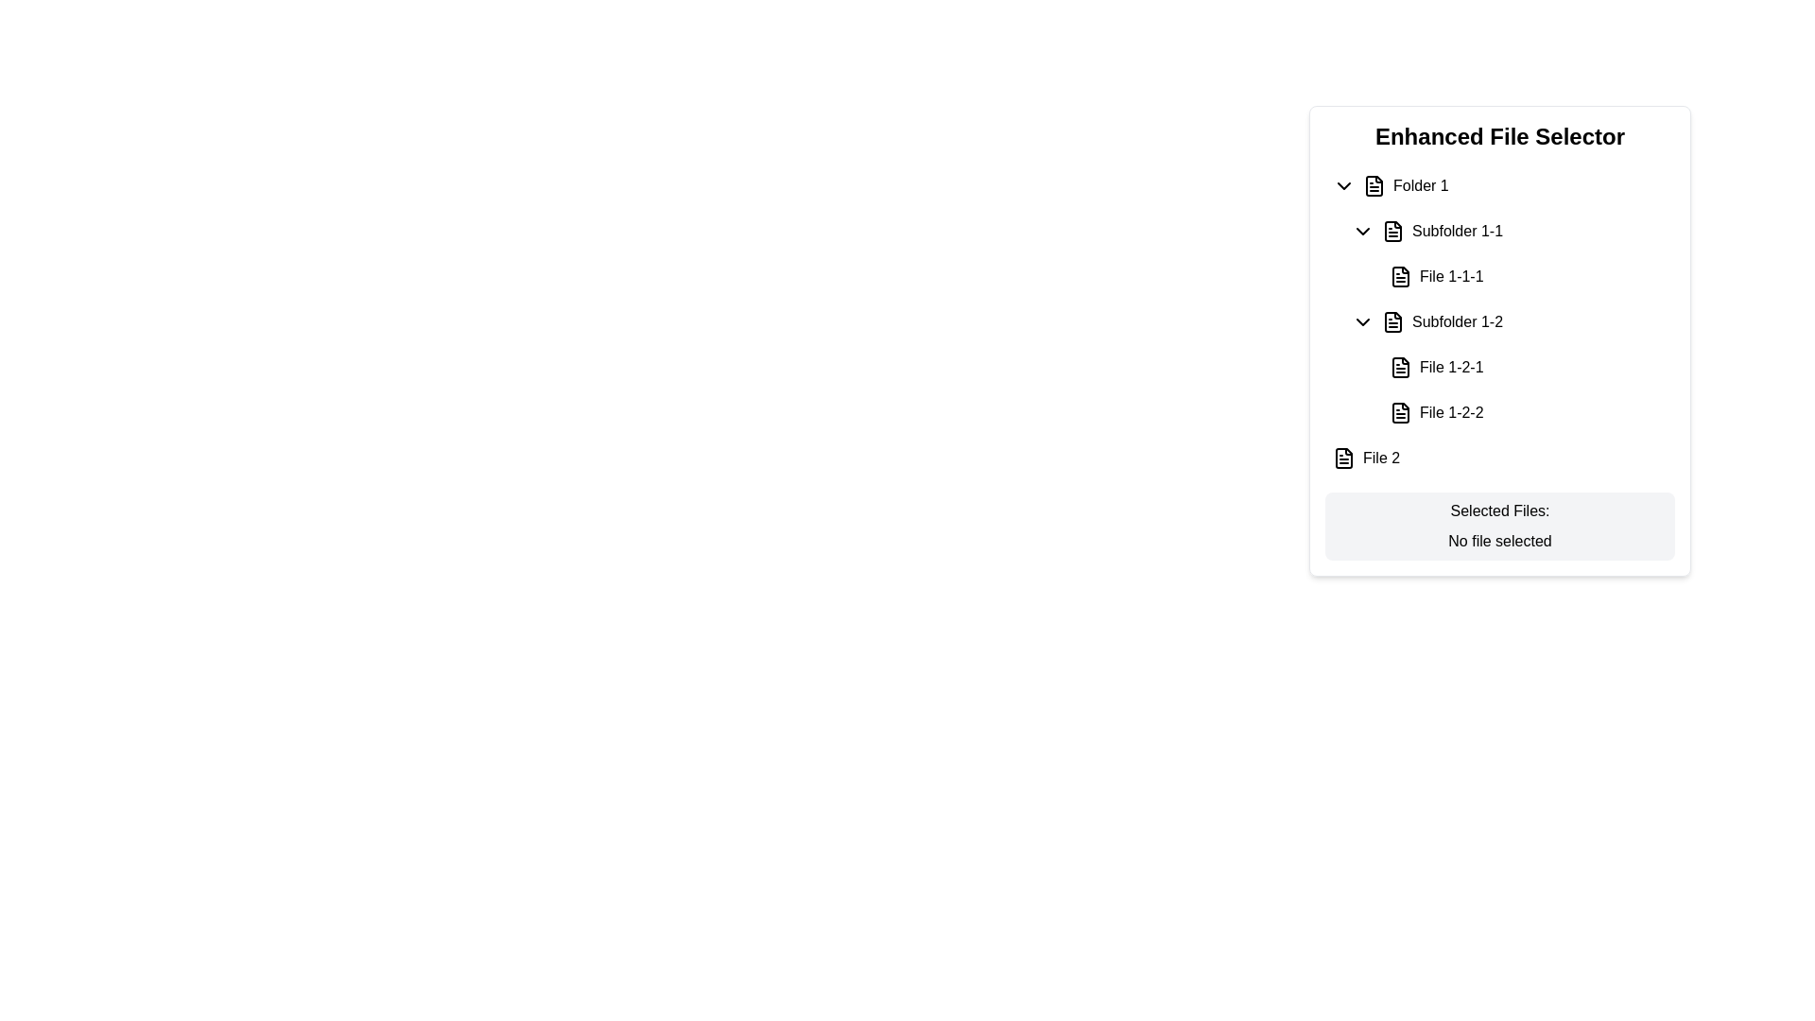 Image resolution: width=1815 pixels, height=1021 pixels. I want to click on the first selectable item in the file selector hierarchy located under 'Subfolder 1-1', so click(1529, 277).